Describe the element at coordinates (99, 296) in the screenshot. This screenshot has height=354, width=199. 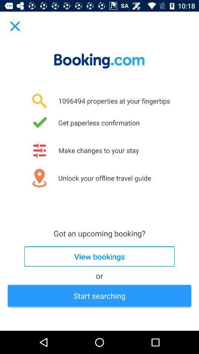
I see `item below the or` at that location.